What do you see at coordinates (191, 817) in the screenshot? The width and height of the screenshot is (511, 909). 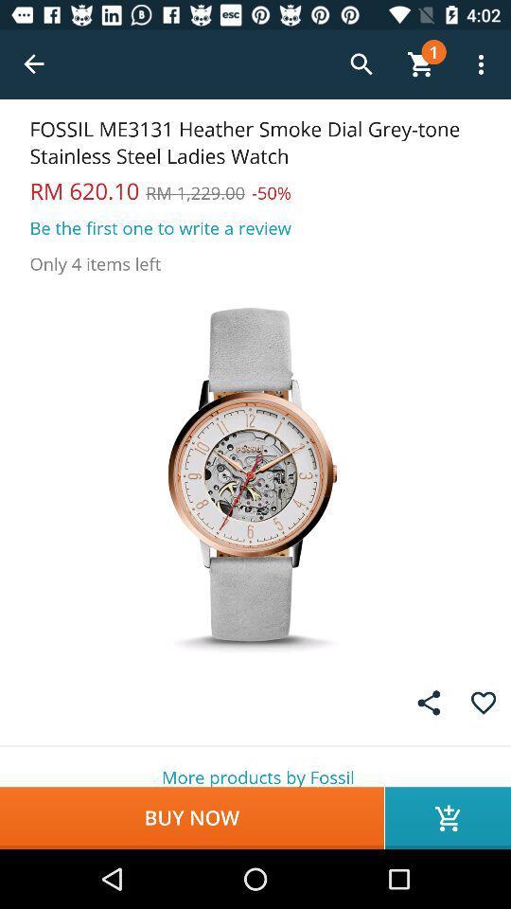 I see `the buy now icon` at bounding box center [191, 817].